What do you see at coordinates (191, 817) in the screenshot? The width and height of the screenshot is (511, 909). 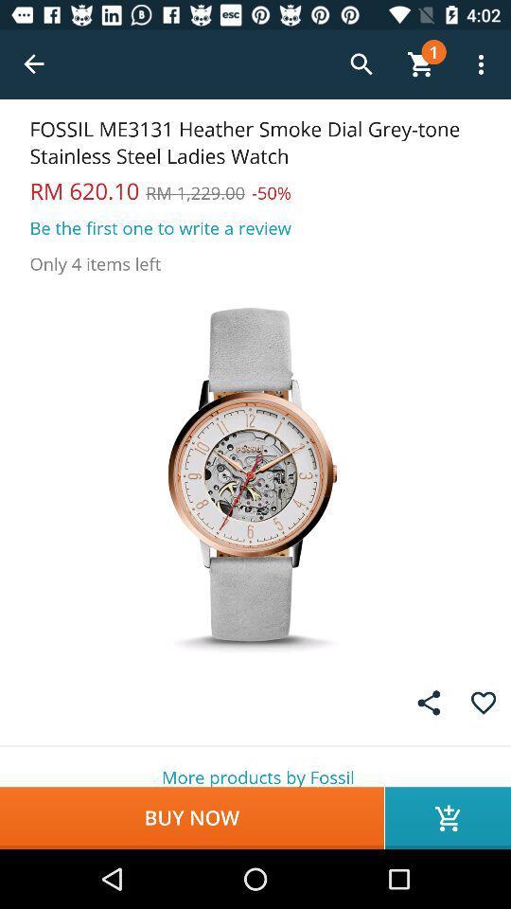 I see `the buy now icon` at bounding box center [191, 817].